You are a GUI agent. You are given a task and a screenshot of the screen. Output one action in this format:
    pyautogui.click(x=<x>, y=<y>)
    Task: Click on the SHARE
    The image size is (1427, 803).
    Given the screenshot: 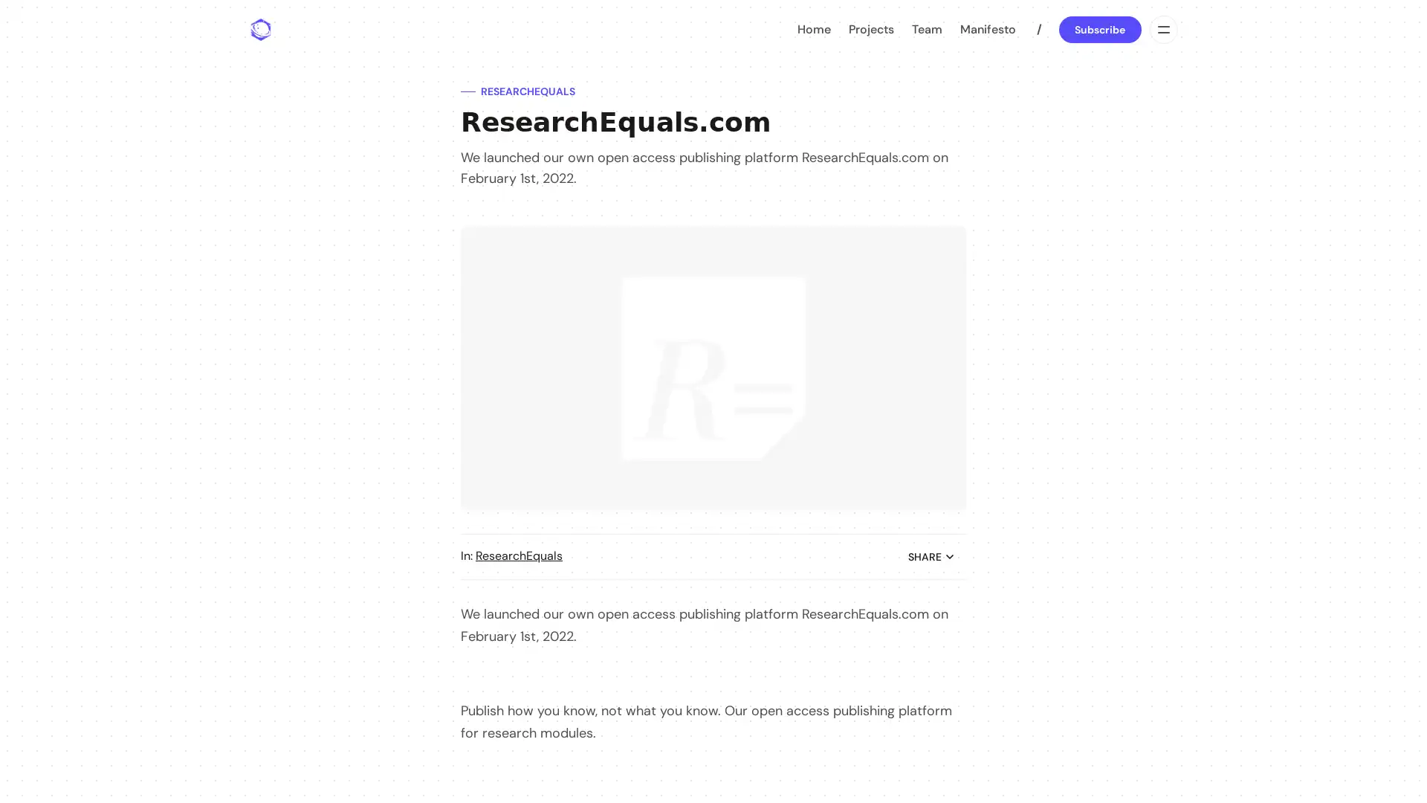 What is the action you would take?
    pyautogui.click(x=931, y=556)
    